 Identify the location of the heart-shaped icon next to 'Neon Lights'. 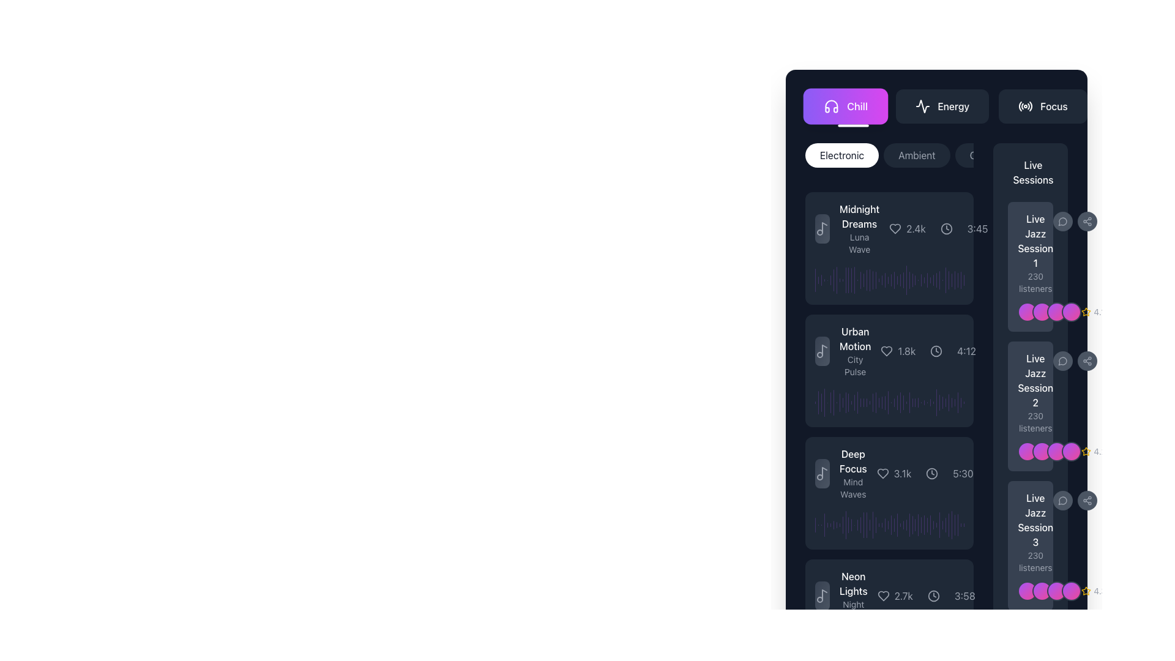
(883, 596).